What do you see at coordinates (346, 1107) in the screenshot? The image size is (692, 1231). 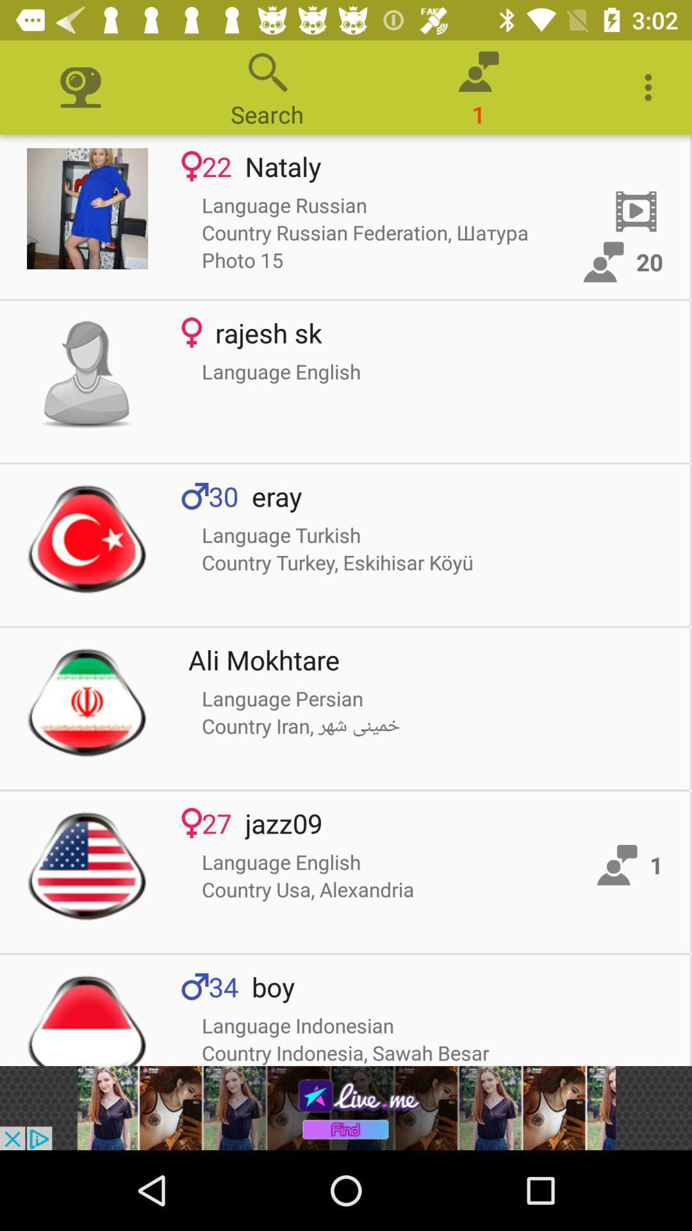 I see `see advertisement` at bounding box center [346, 1107].